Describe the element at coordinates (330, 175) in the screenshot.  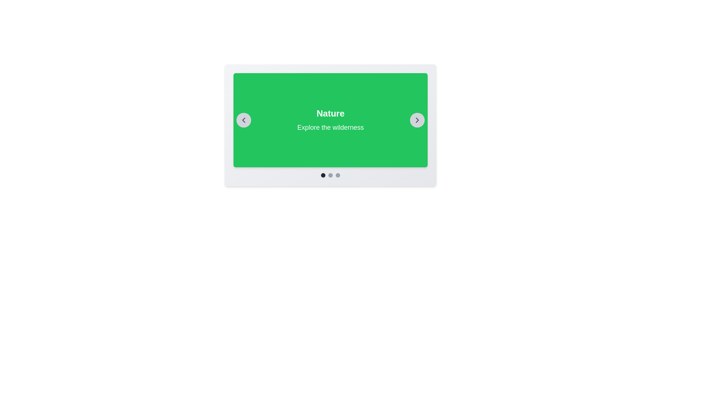
I see `the Carousel indicator bar located at the bottom of the card layout, which consists of three circular indicators with the middle one being larger and darker, indicating an active state` at that location.